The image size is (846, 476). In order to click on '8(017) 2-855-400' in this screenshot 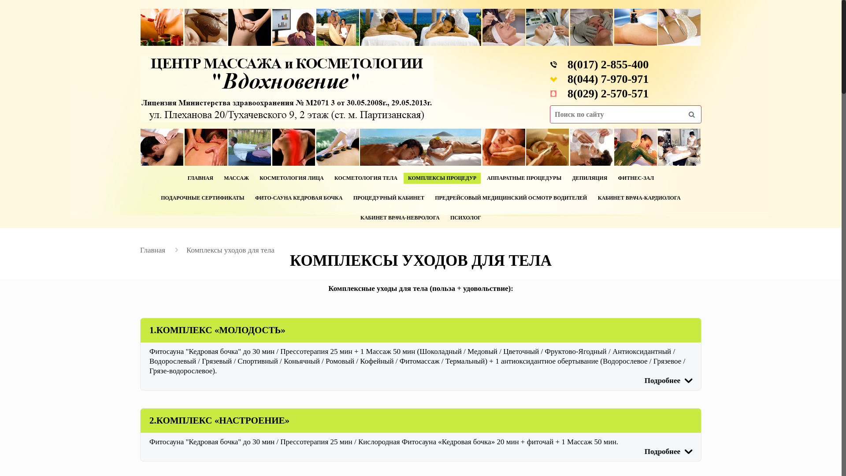, I will do `click(608, 64)`.